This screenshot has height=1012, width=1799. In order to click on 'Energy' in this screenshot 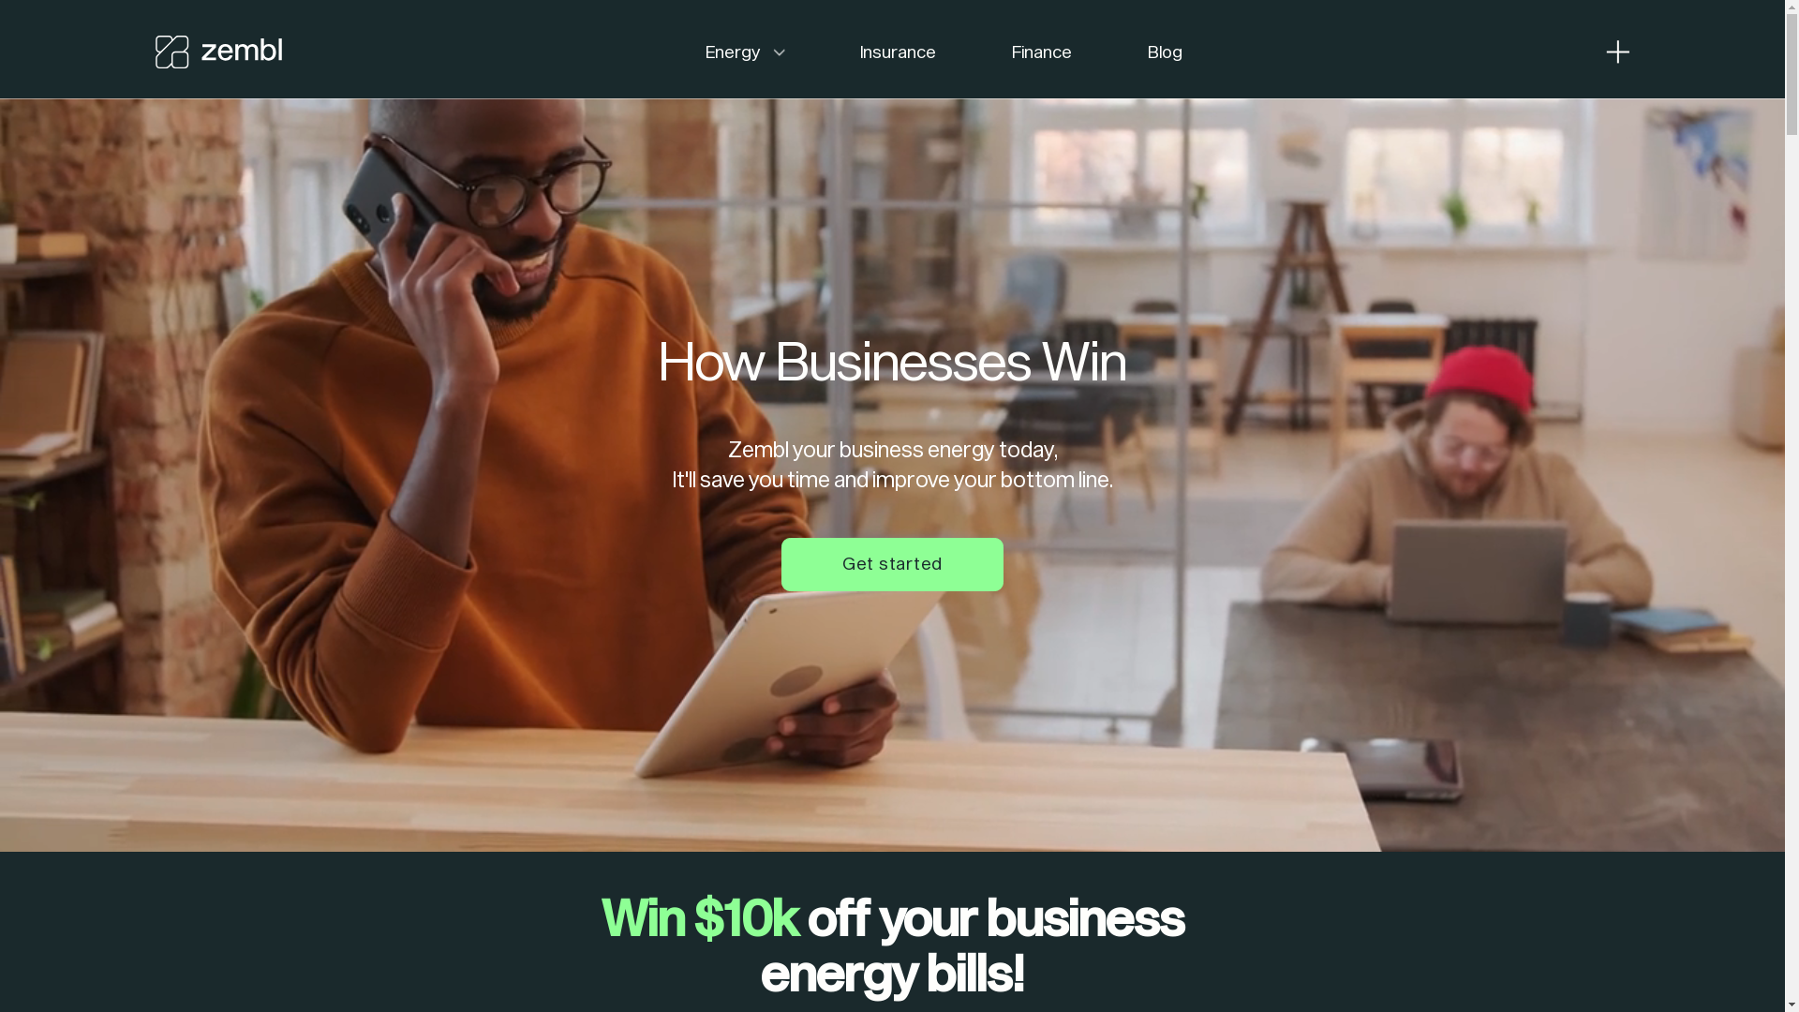, I will do `click(732, 52)`.